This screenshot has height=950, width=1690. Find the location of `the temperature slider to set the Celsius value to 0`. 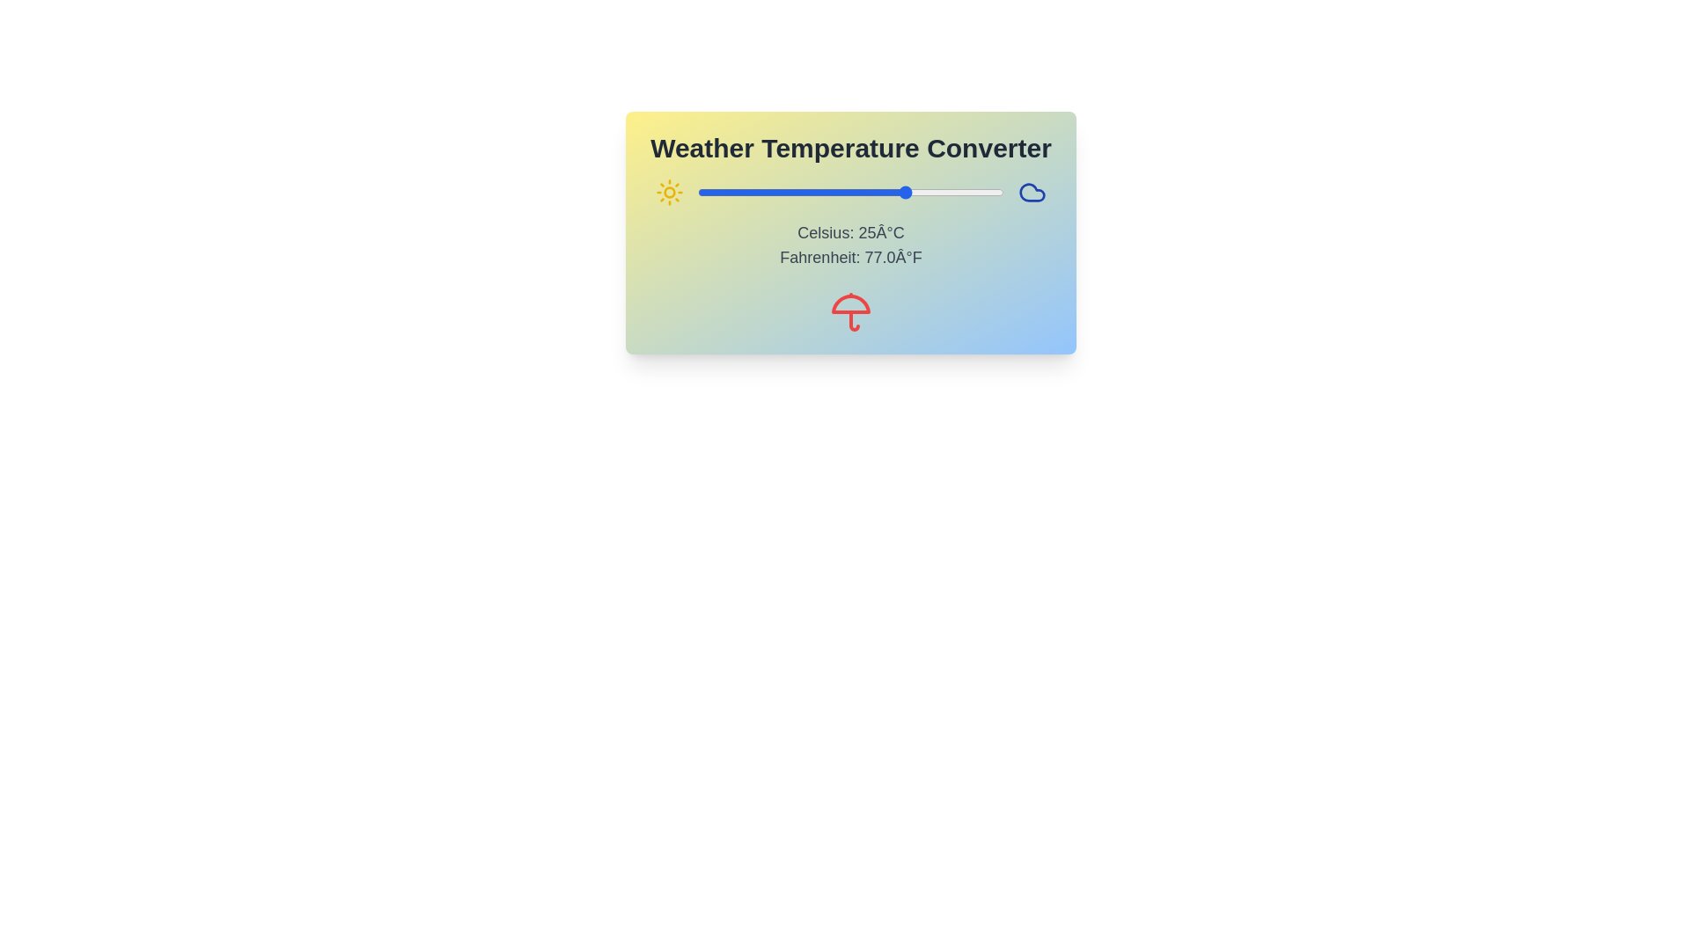

the temperature slider to set the Celsius value to 0 is located at coordinates (812, 193).